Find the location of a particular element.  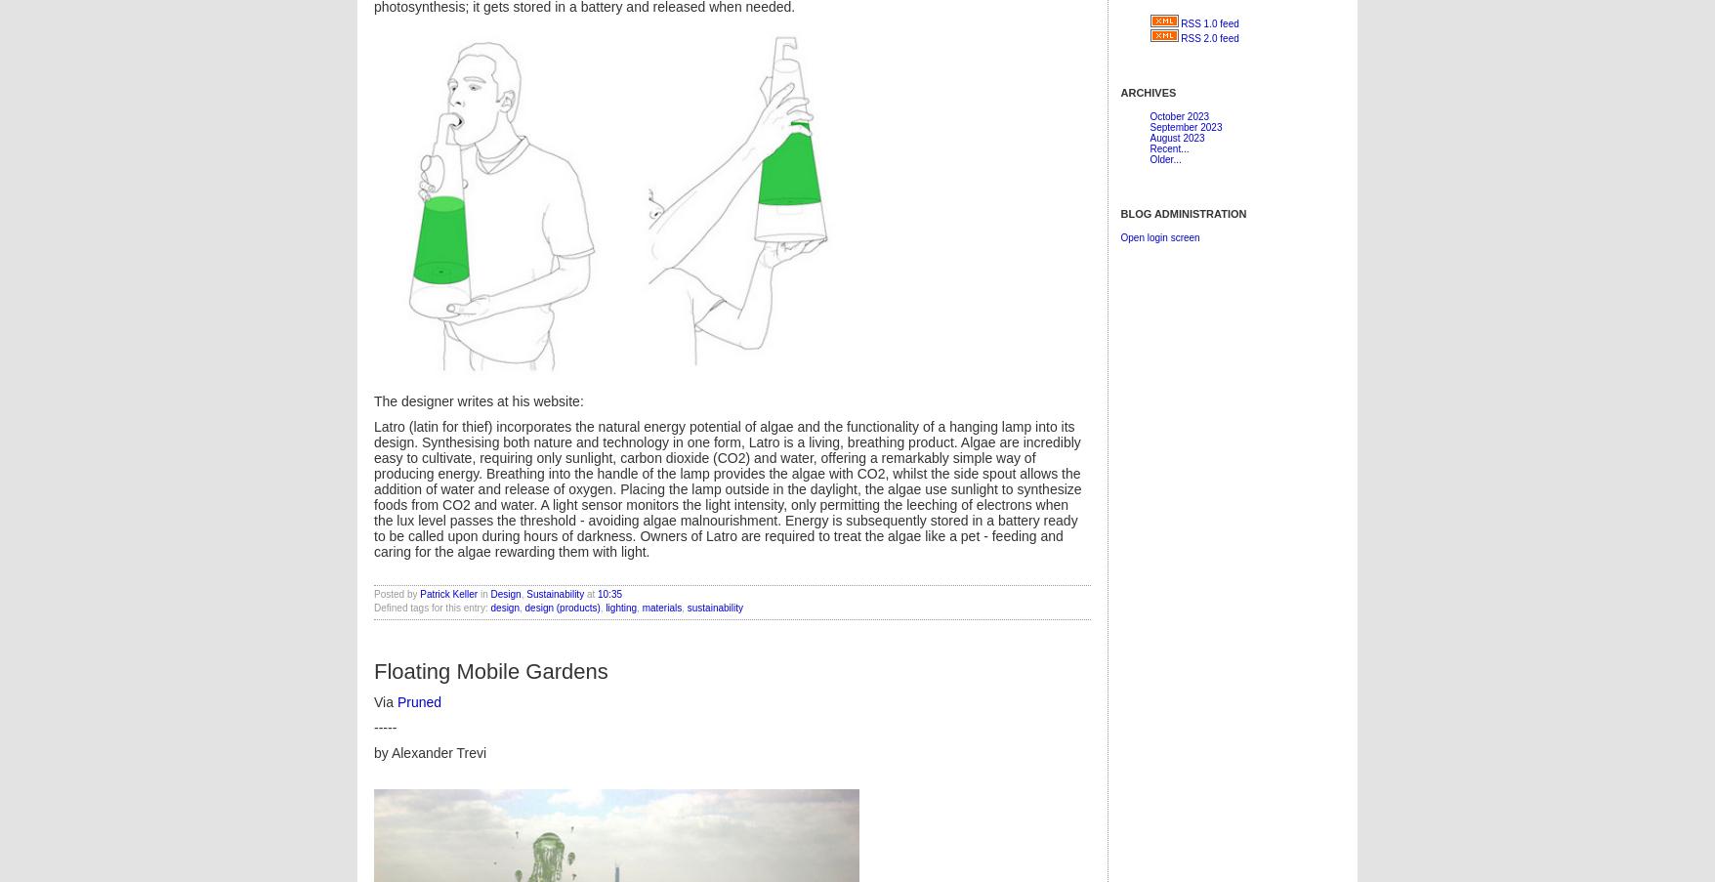

'Blog Administration' is located at coordinates (1182, 213).